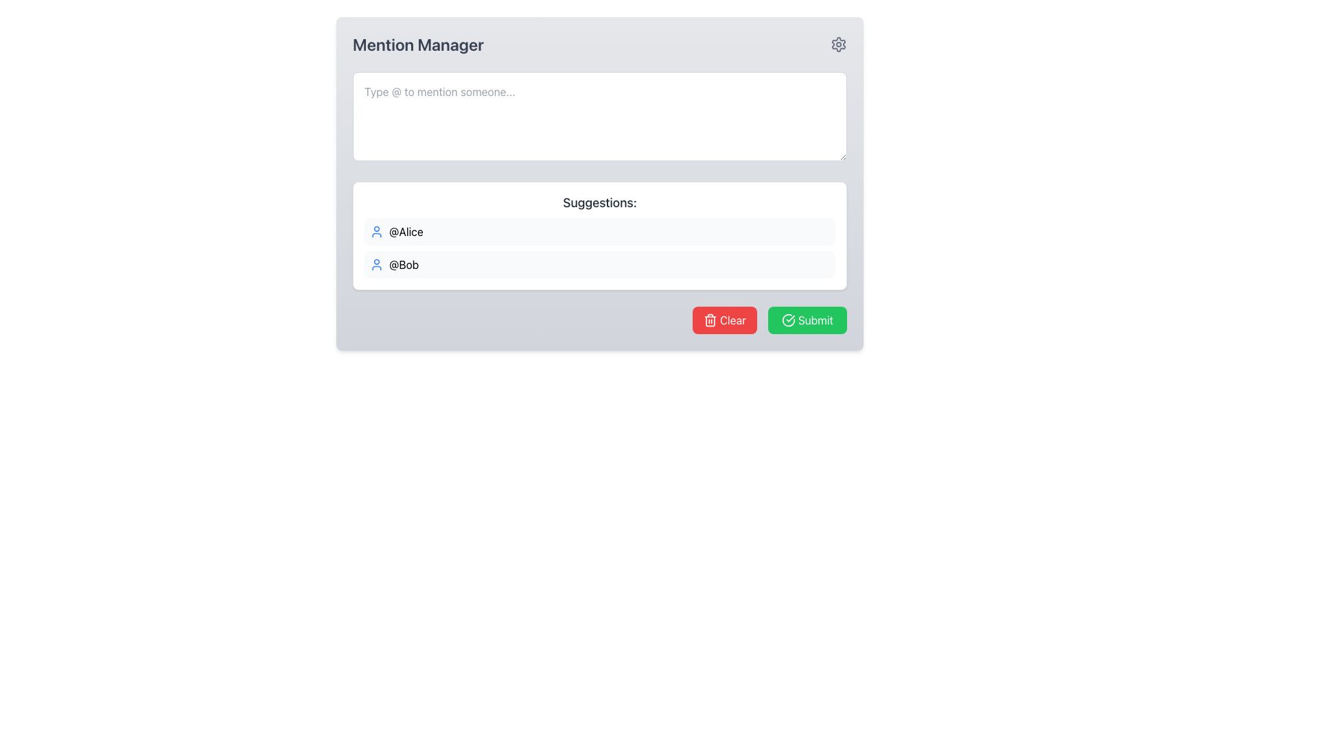 This screenshot has height=741, width=1318. Describe the element at coordinates (599, 248) in the screenshot. I see `the user suggestion row containing mentions '@Alice' and '@Bob'` at that location.